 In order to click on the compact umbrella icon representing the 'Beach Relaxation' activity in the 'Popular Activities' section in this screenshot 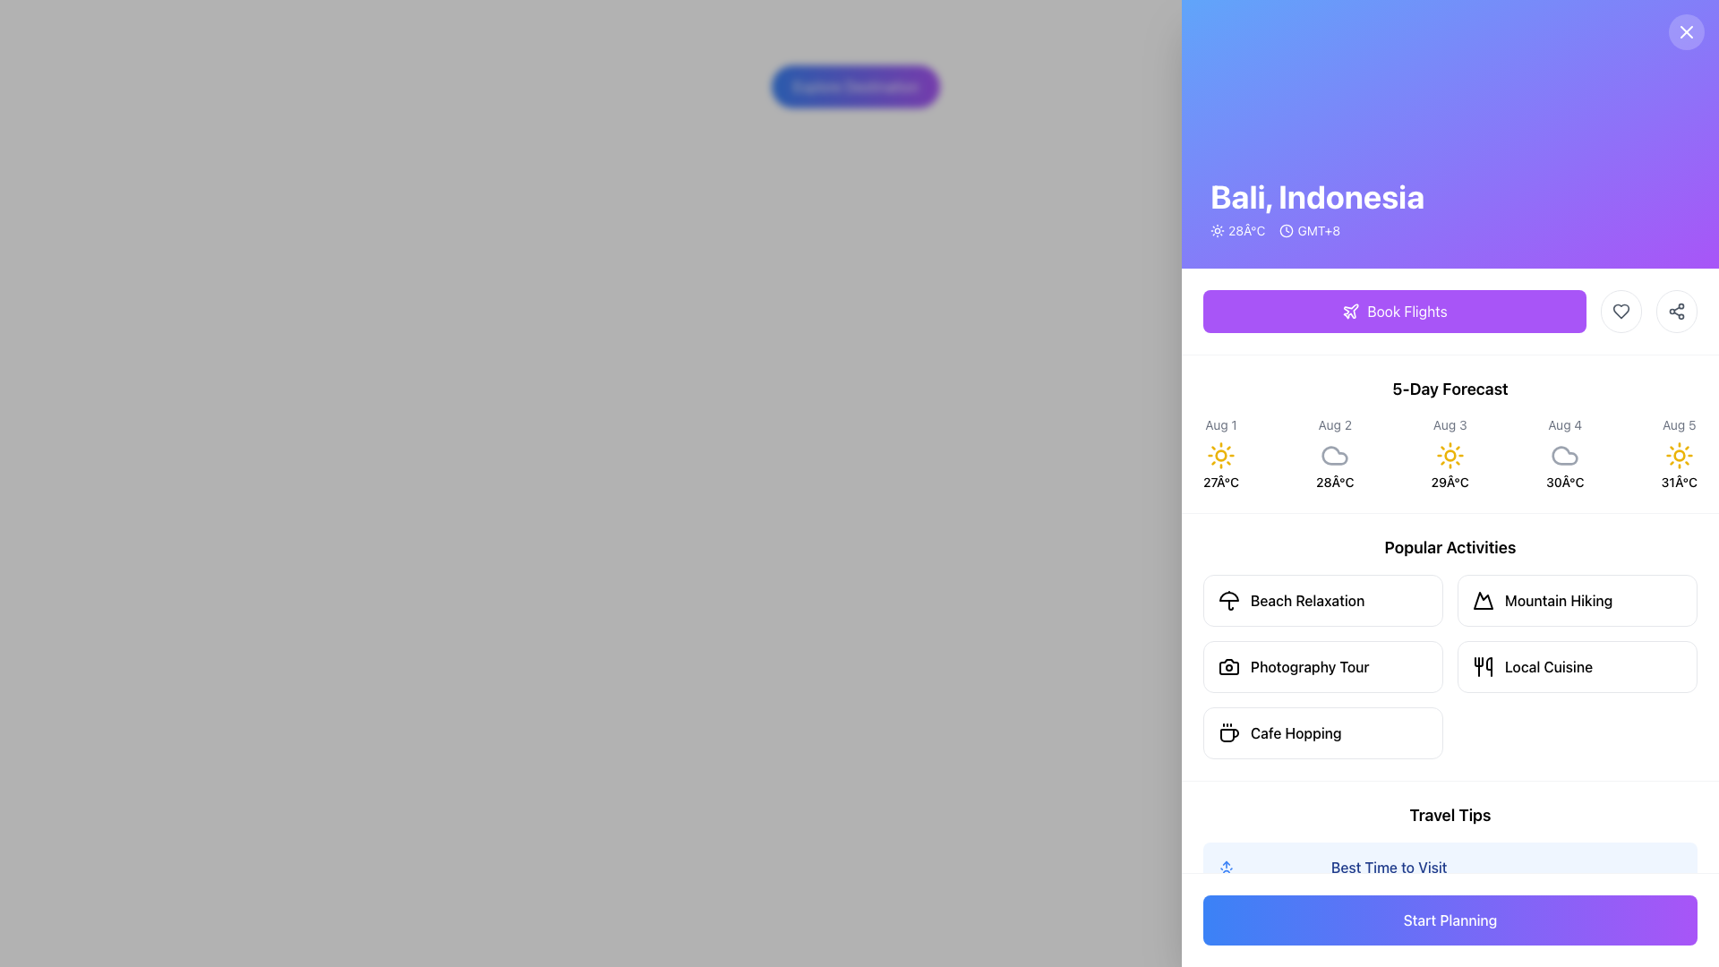, I will do `click(1227, 601)`.